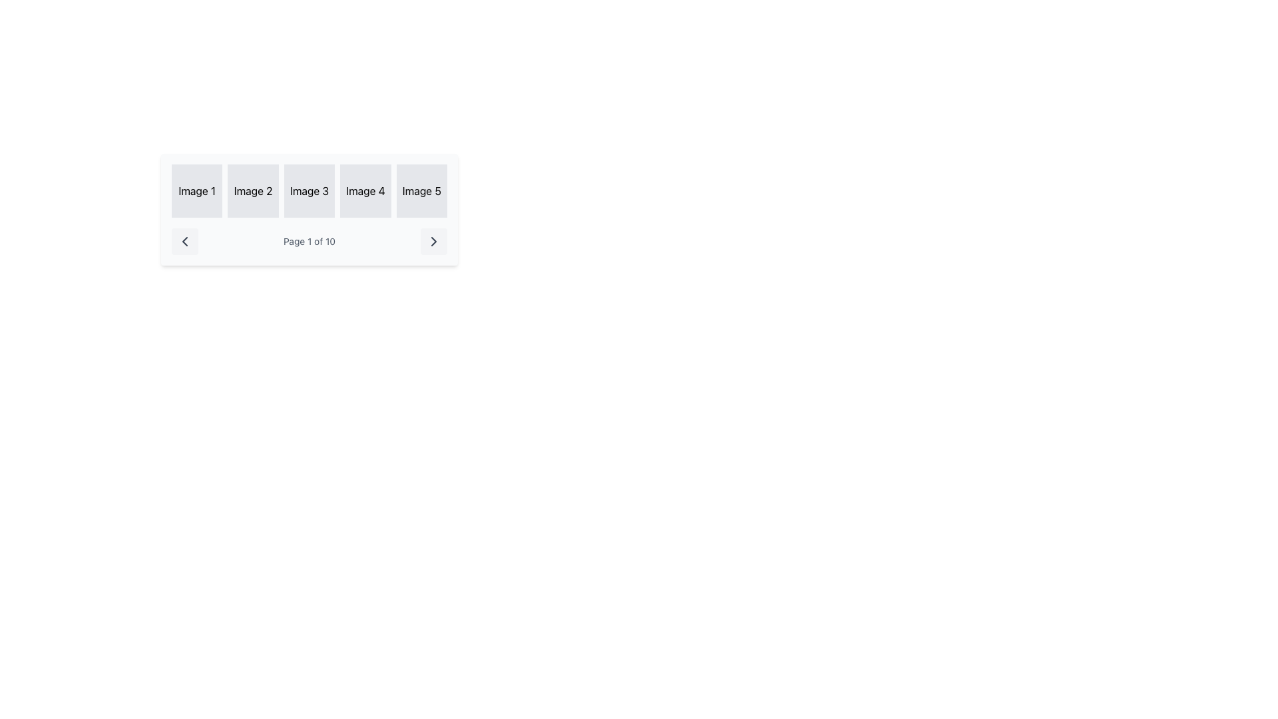 The image size is (1278, 719). What do you see at coordinates (184, 241) in the screenshot?
I see `the left-facing chevron icon within the rounded button located at the bottom left of the carousel` at bounding box center [184, 241].